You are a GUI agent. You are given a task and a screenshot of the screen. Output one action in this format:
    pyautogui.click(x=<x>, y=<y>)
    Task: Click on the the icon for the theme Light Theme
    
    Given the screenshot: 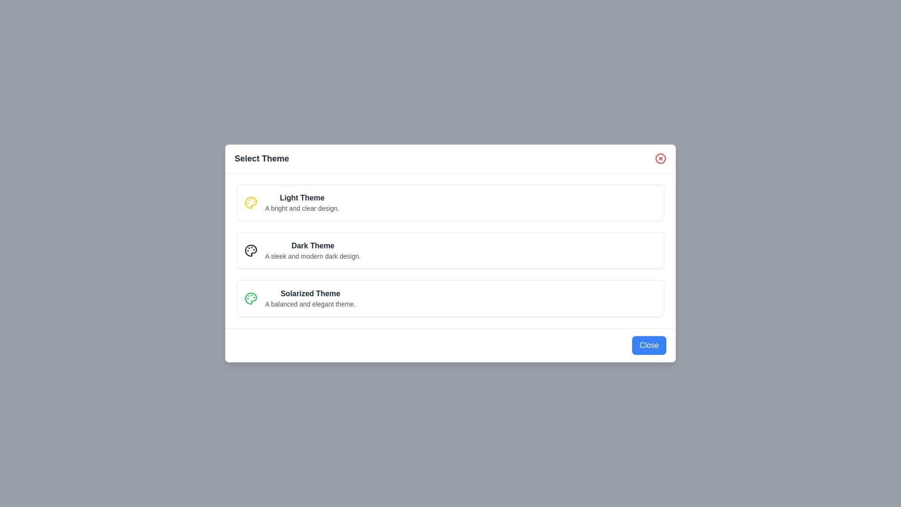 What is the action you would take?
    pyautogui.click(x=251, y=202)
    